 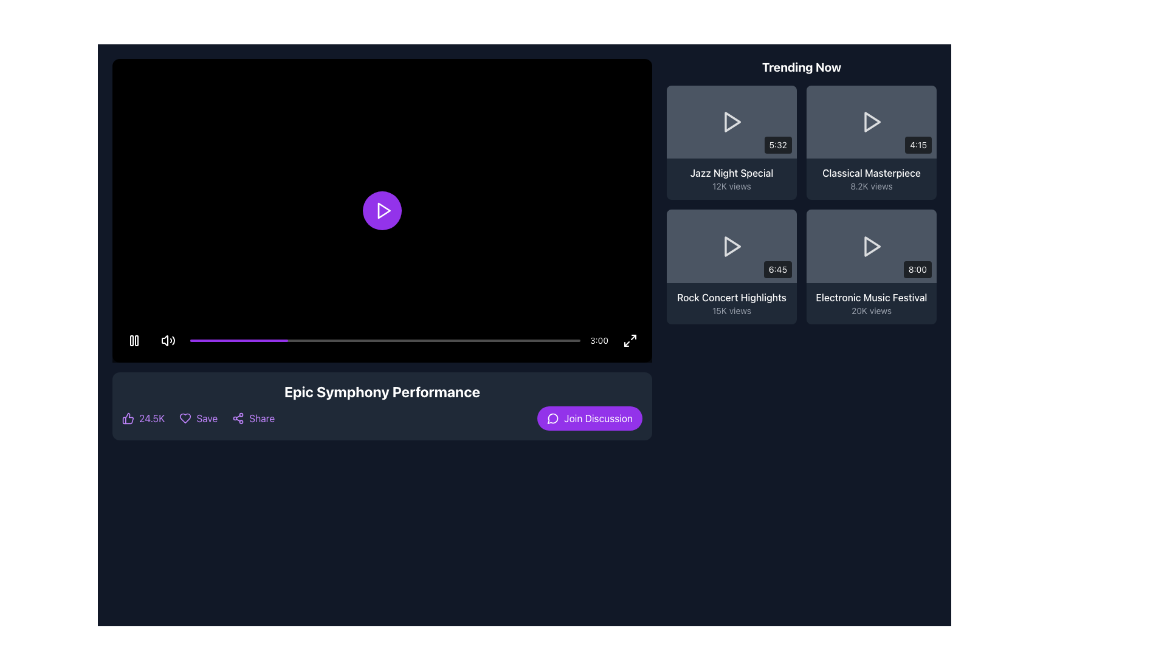 What do you see at coordinates (252, 340) in the screenshot?
I see `the video playback progress` at bounding box center [252, 340].